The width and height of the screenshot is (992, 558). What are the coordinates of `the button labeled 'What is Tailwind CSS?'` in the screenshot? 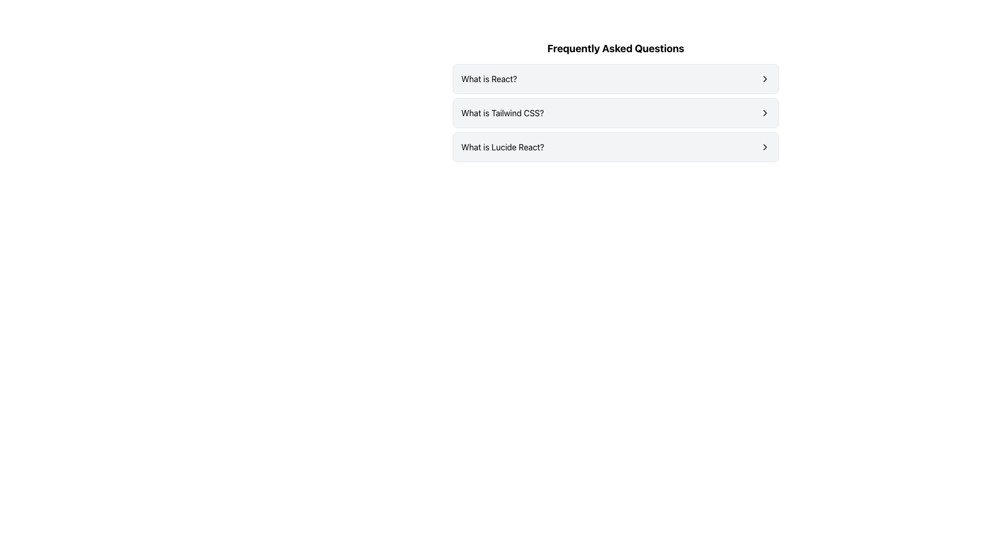 It's located at (615, 113).